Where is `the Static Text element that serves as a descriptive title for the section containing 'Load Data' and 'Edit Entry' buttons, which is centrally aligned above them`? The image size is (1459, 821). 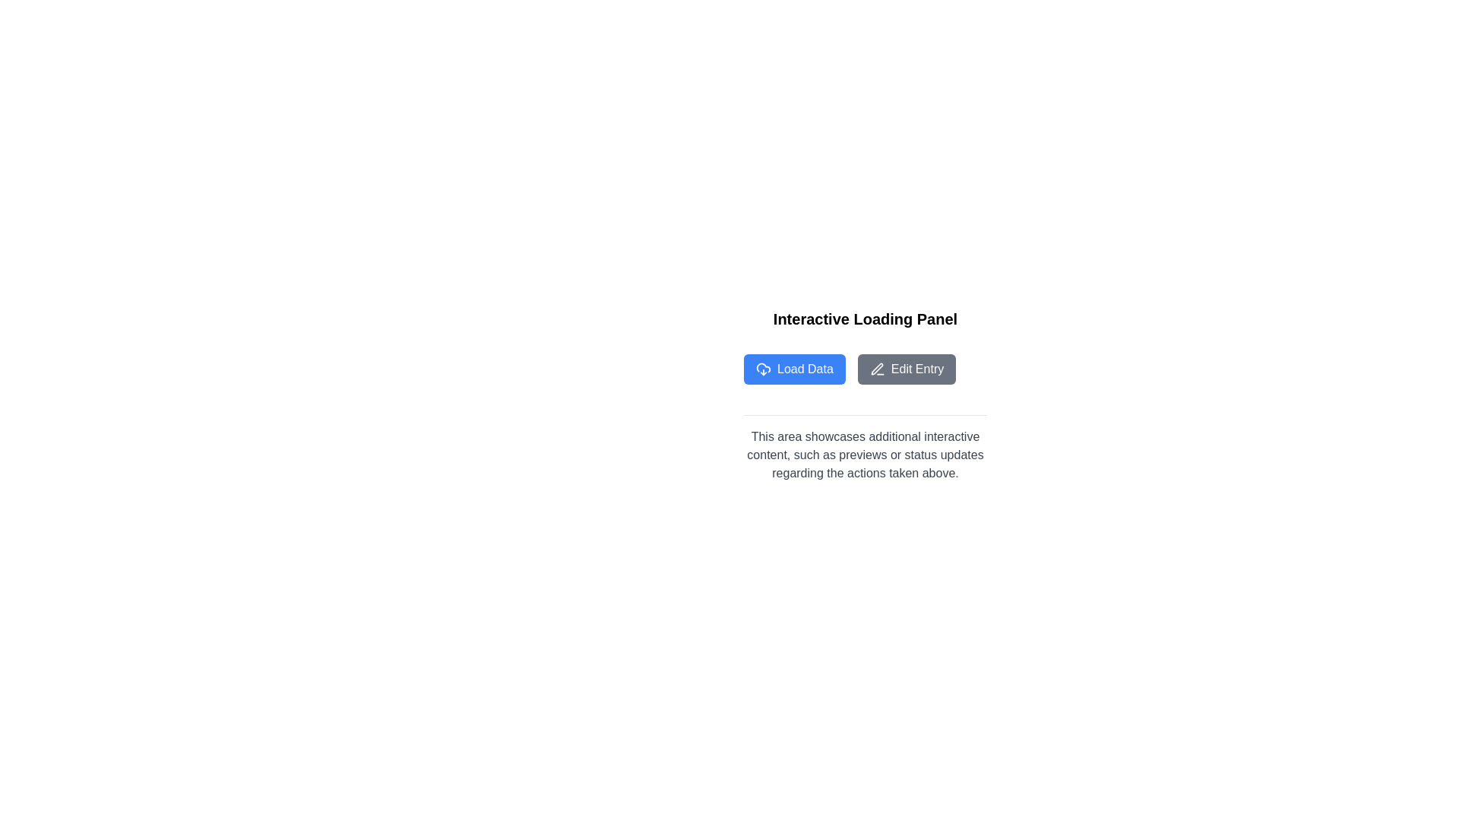
the Static Text element that serves as a descriptive title for the section containing 'Load Data' and 'Edit Entry' buttons, which is centrally aligned above them is located at coordinates (865, 319).